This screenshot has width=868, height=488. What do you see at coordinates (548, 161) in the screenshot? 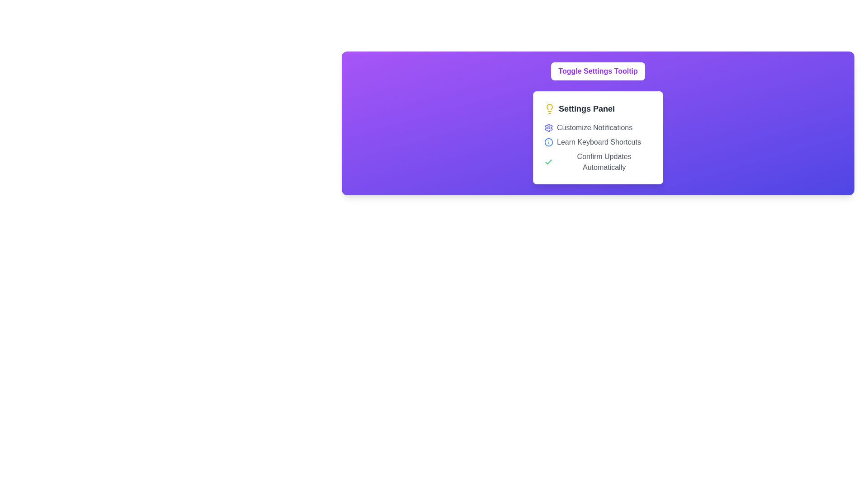
I see `the checkmark icon within the settings panel that indicates successful completion or activation of an option` at bounding box center [548, 161].